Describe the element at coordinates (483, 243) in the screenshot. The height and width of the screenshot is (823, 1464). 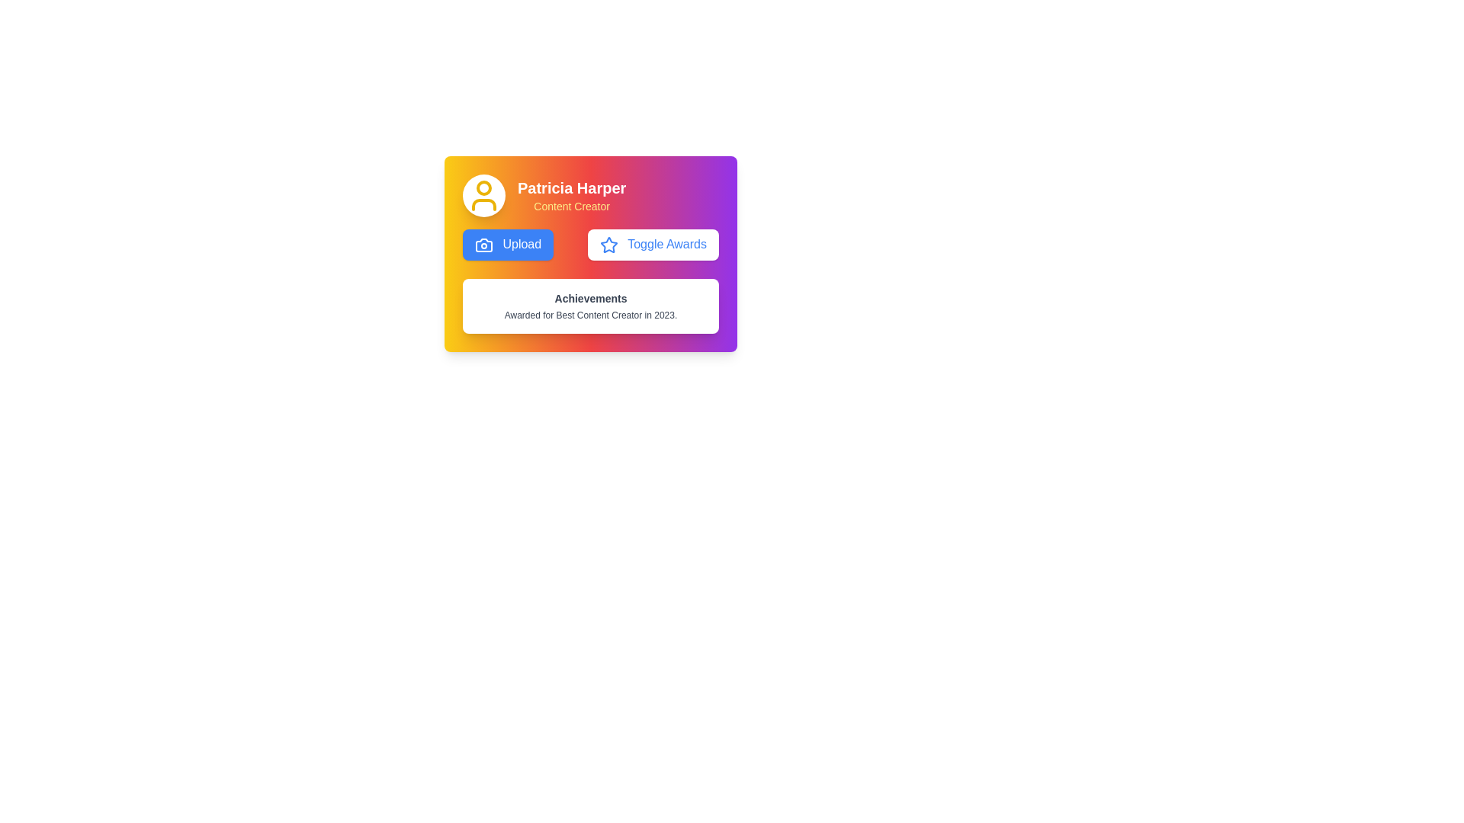
I see `the camera icon, which is the left component inside the 'Upload' button, located to the left of the 'Toggle Awards' button` at that location.